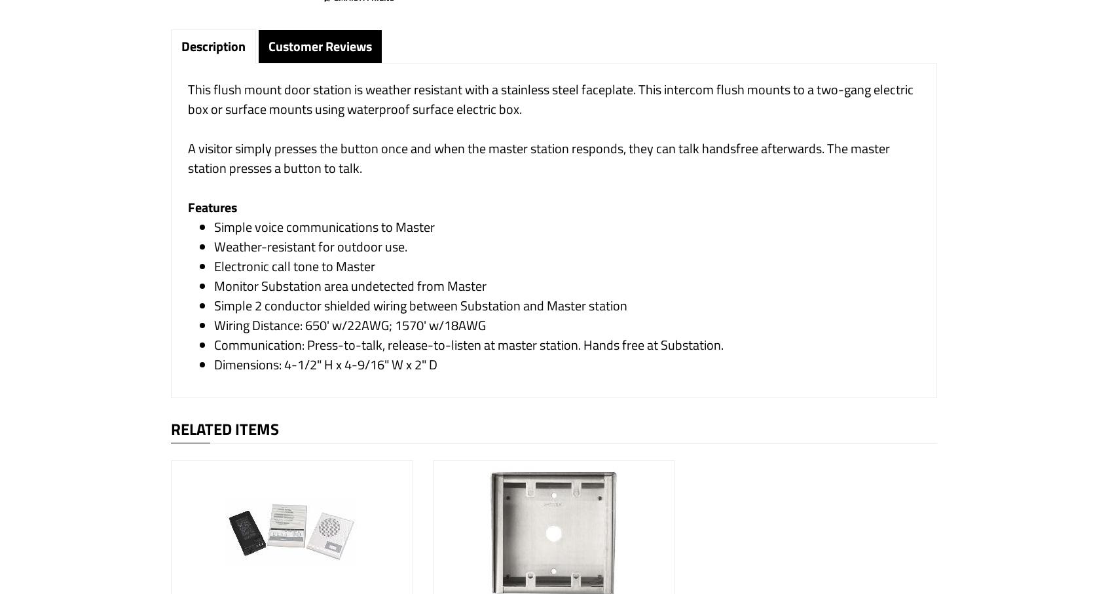 The height and width of the screenshot is (594, 1108). Describe the element at coordinates (350, 324) in the screenshot. I see `'Wiring Distance: 650' w/22AWG; 1570' w/18AWG'` at that location.